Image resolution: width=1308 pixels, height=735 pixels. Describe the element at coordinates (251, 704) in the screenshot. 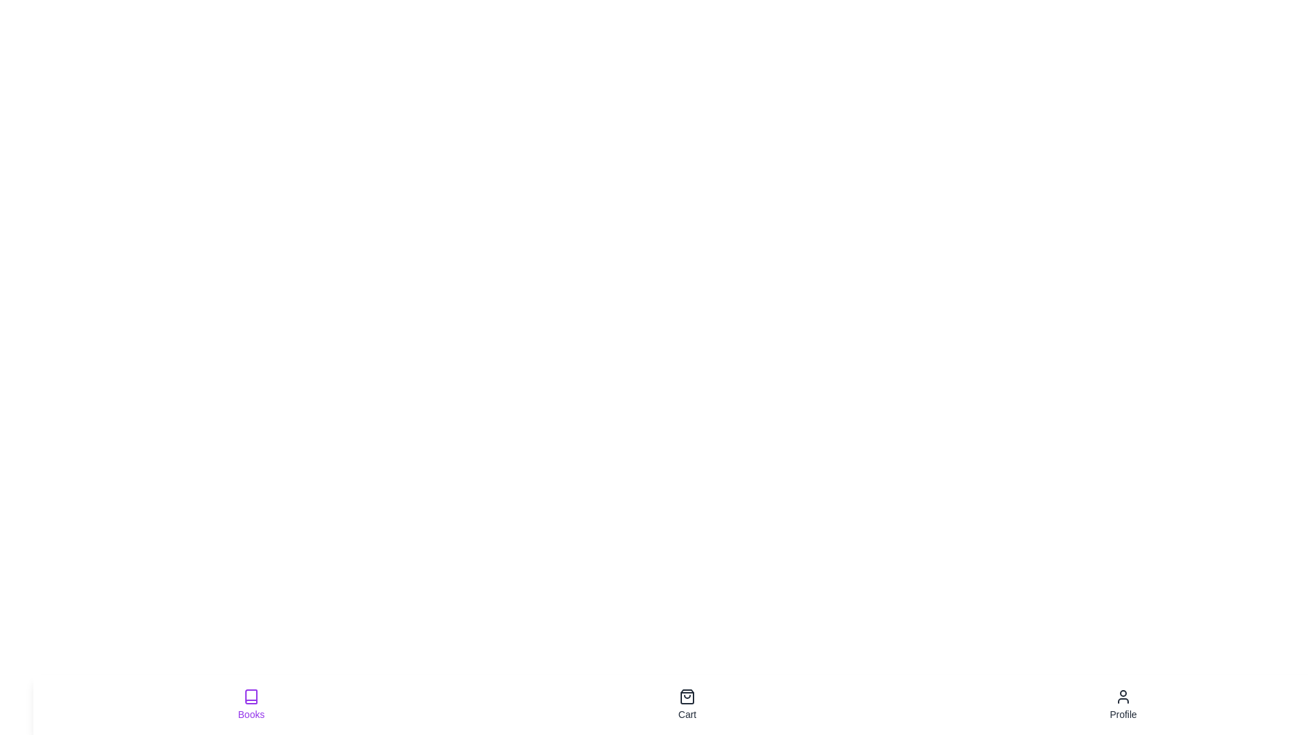

I see `the Books tab by clicking its button` at that location.